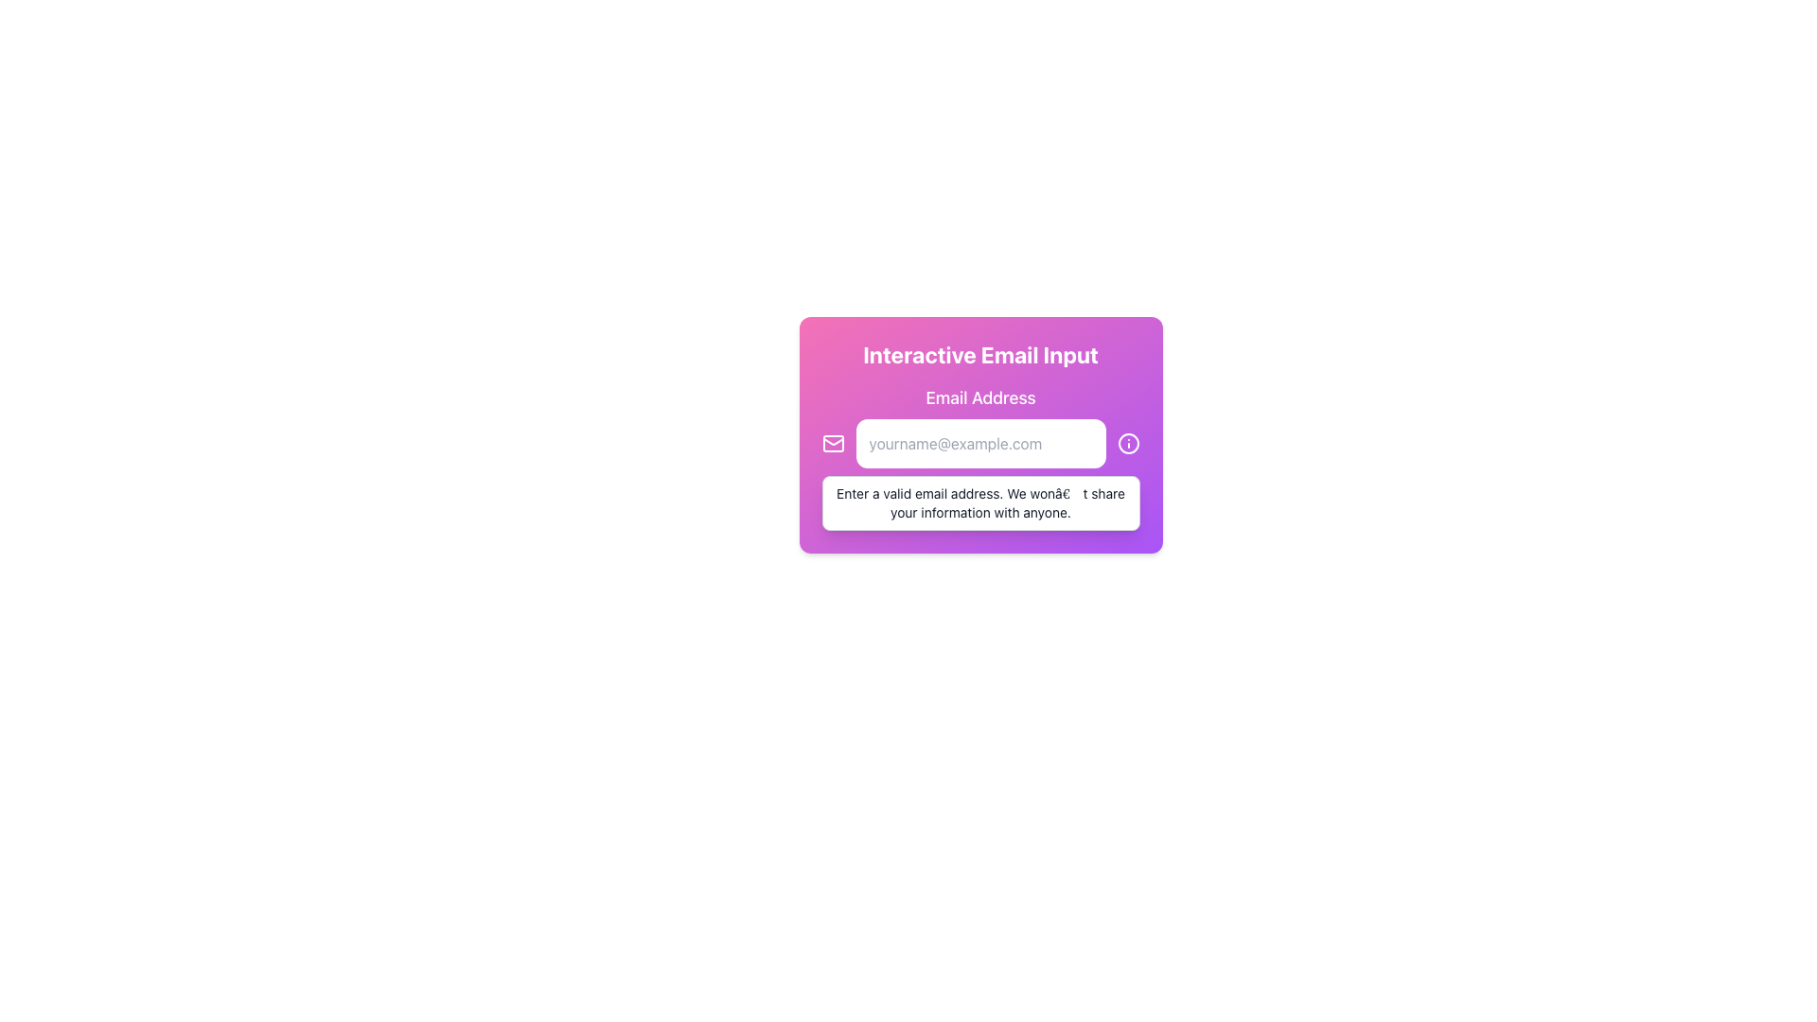 The height and width of the screenshot is (1022, 1817). I want to click on the text label that instructs users to 'Enter a valid email address. We won’t share your information with anyone.' This label is centrally aligned below the email input field, so click(980, 502).